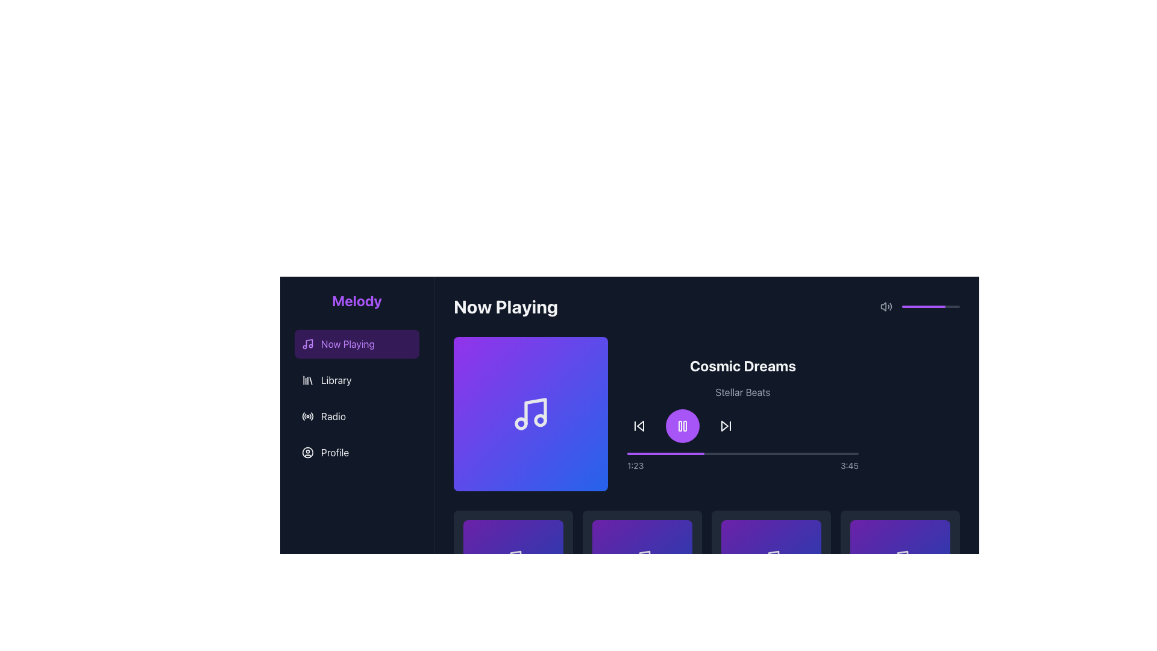 This screenshot has height=651, width=1157. What do you see at coordinates (725, 425) in the screenshot?
I see `the skip-forward button located in the media control bar, which is positioned to the right of the purple pause button and above the progress bar` at bounding box center [725, 425].